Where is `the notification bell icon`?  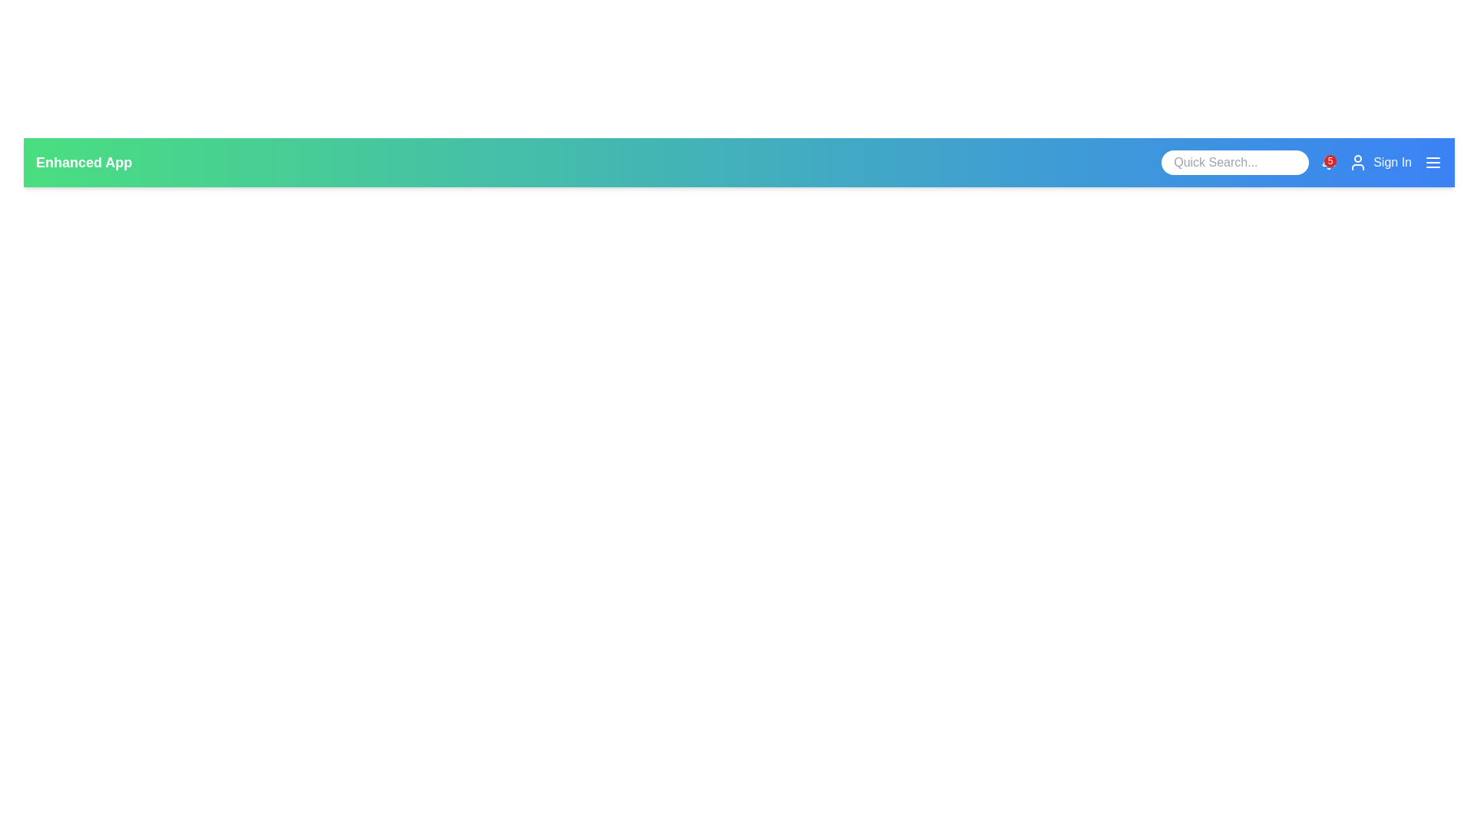 the notification bell icon is located at coordinates (1328, 163).